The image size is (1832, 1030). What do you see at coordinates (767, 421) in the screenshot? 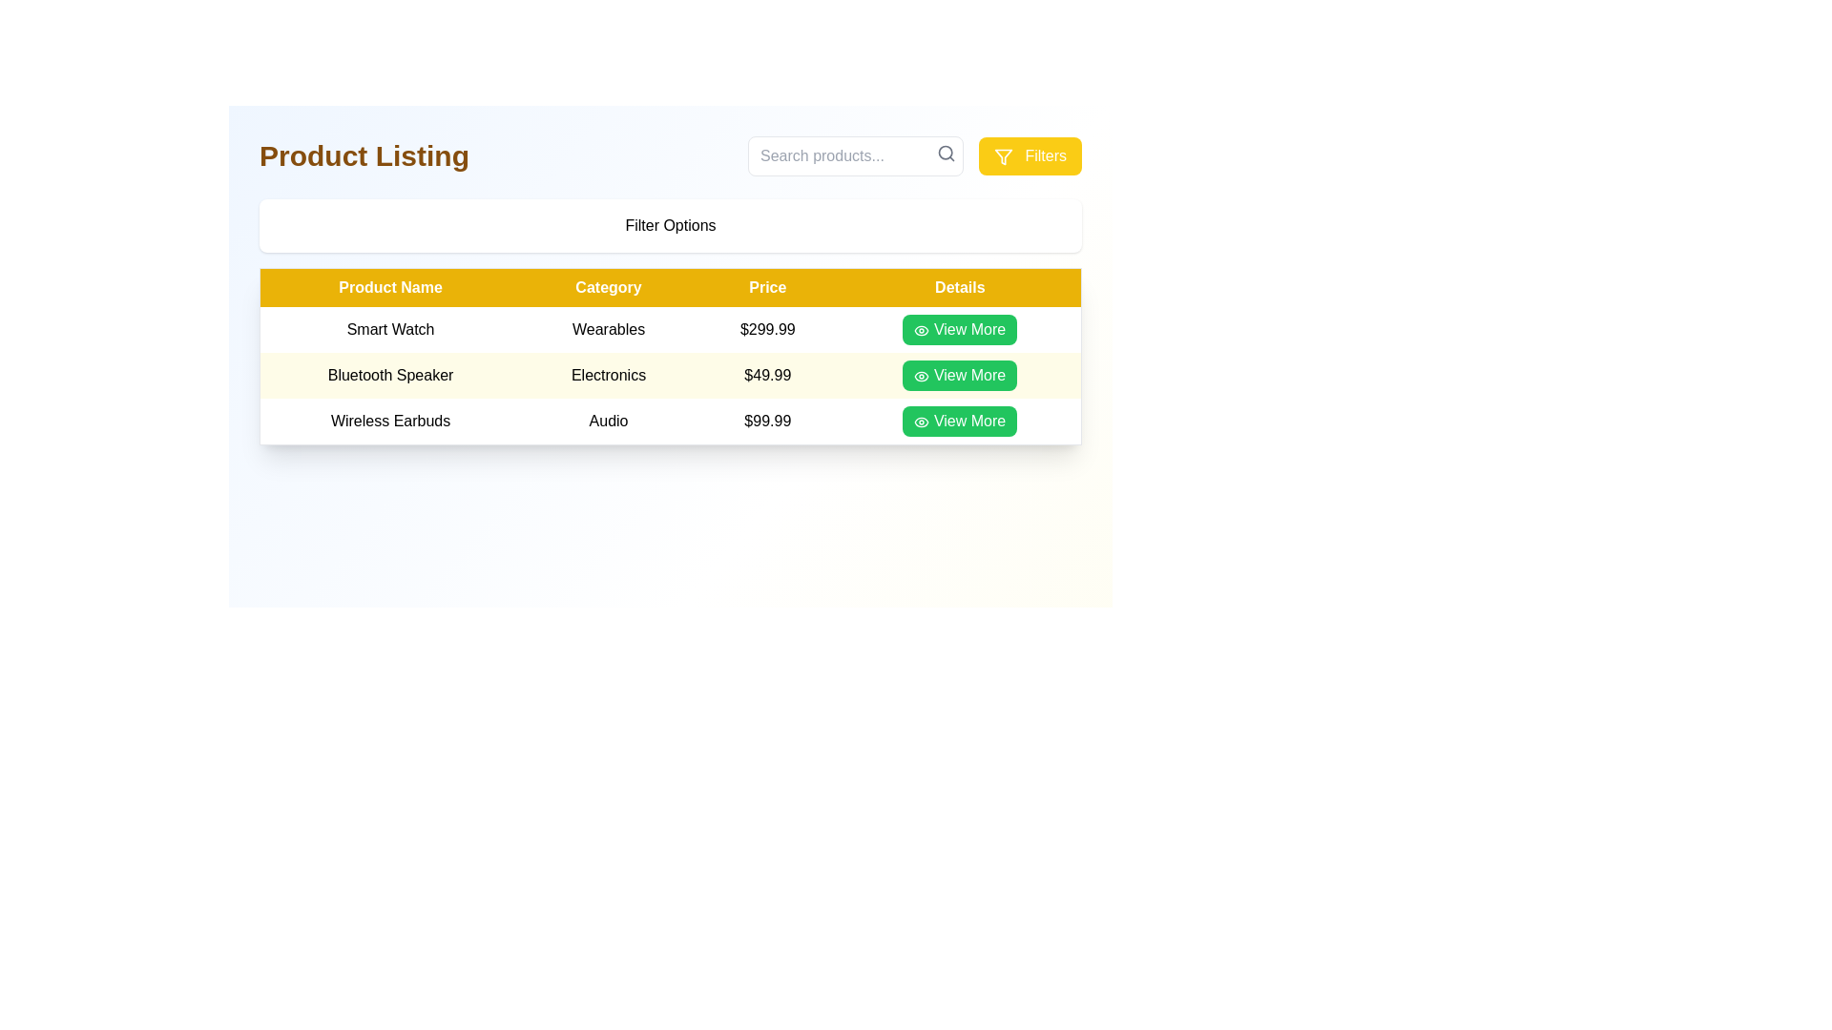
I see `the text label displaying the price value '$99.99' in black font, located in the third row of the table under the 'Price' column for the 'Wireless Earbuds' product` at bounding box center [767, 421].